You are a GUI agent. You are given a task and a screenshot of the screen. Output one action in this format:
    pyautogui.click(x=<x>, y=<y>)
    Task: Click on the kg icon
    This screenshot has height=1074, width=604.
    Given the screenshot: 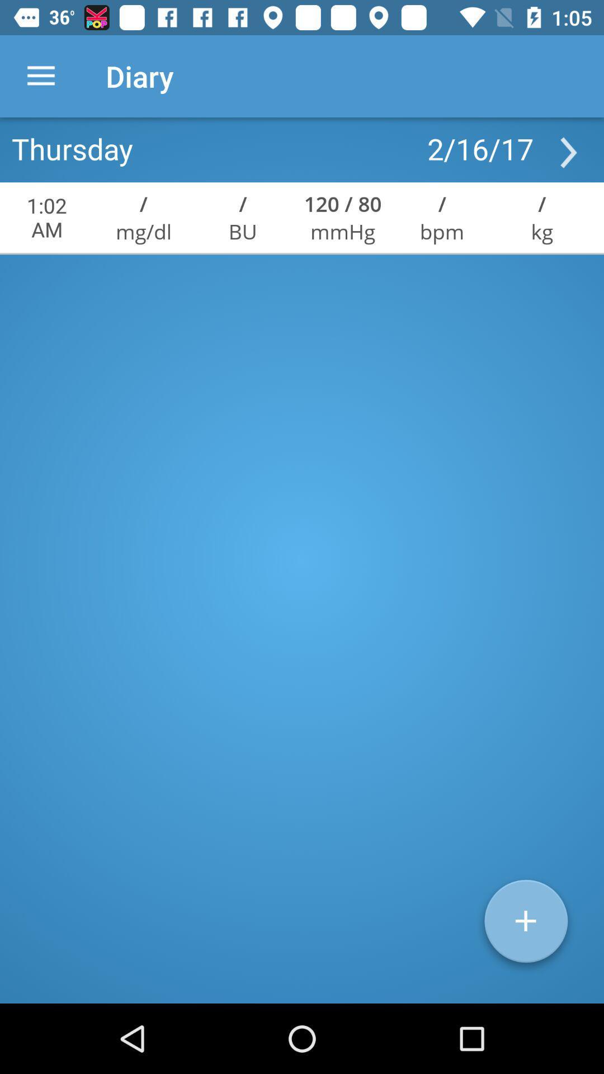 What is the action you would take?
    pyautogui.click(x=541, y=230)
    